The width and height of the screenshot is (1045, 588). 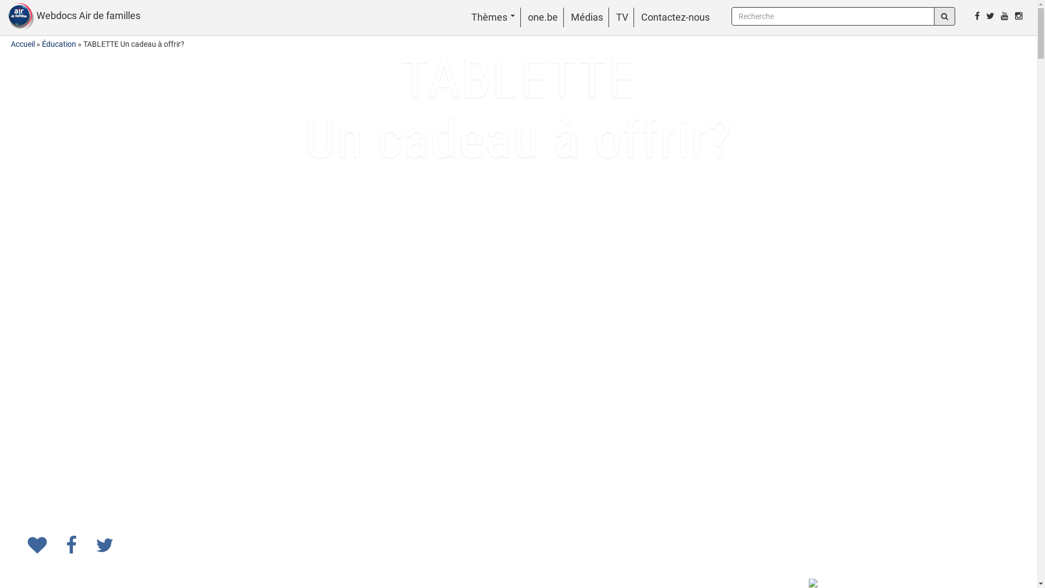 What do you see at coordinates (70, 16) in the screenshot?
I see `'Webdocs Air de familles'` at bounding box center [70, 16].